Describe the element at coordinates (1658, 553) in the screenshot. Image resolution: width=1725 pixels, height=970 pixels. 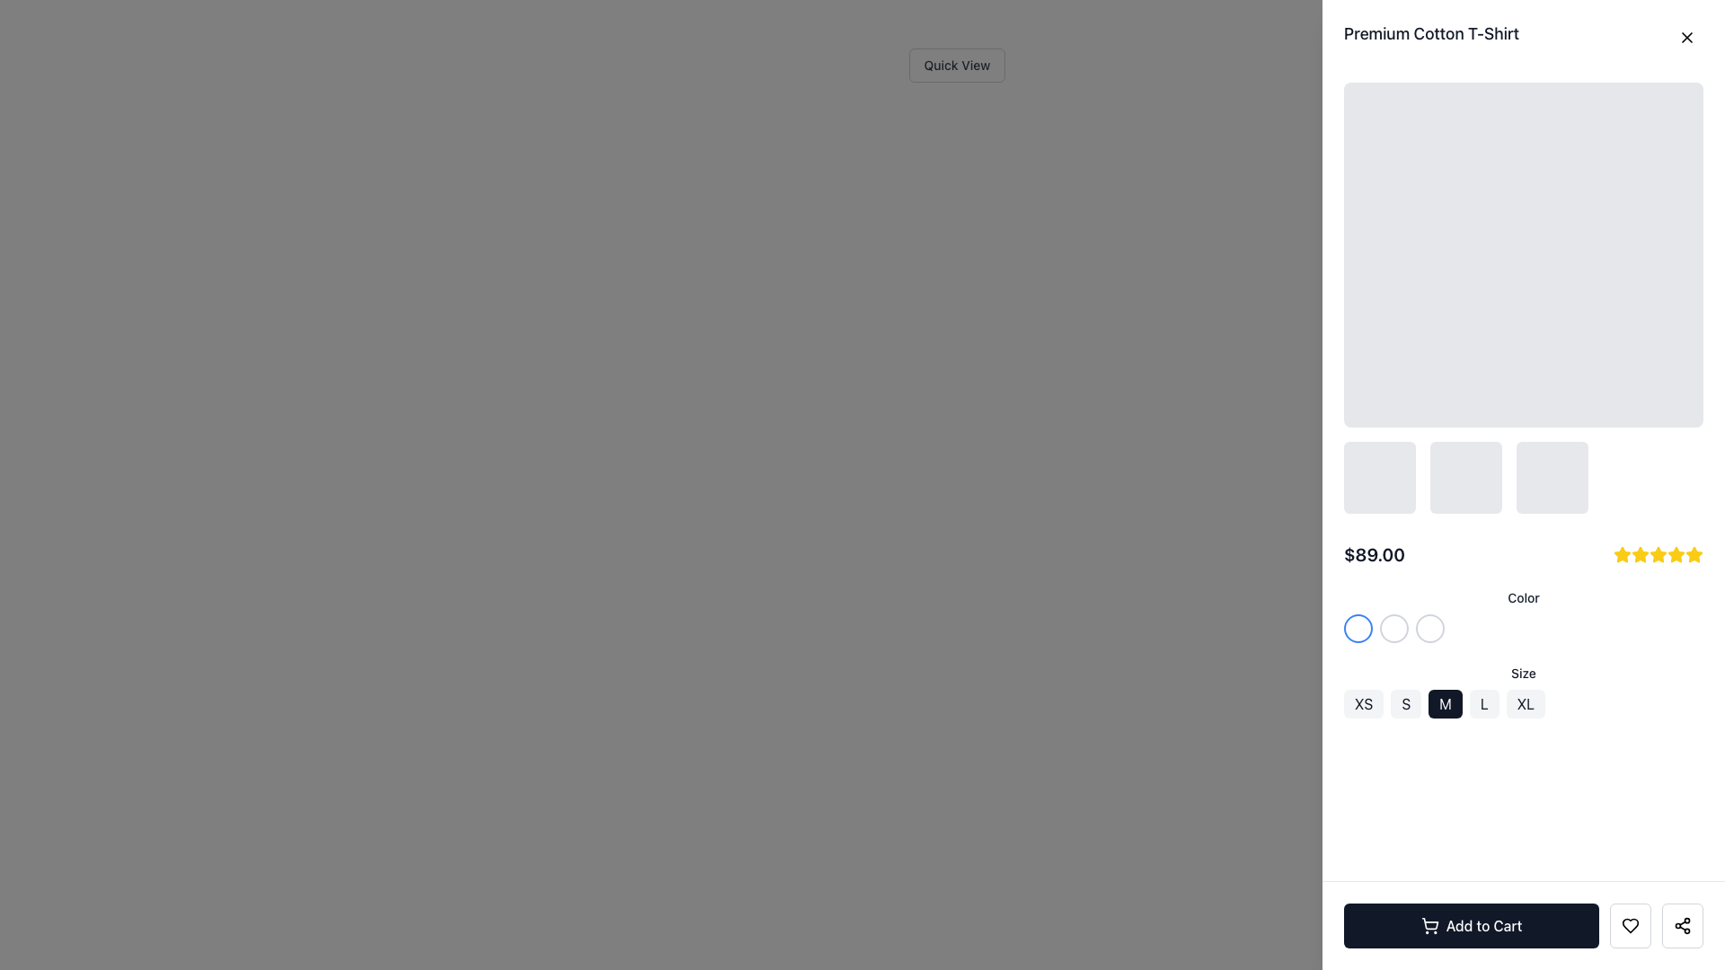
I see `the Rating component (Stars) located in the upper-right section of the interface, adjacent to the price label displaying '$89.00'` at that location.